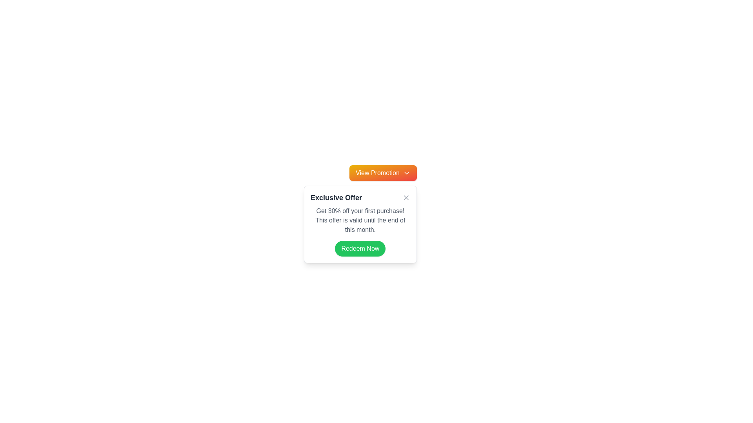  Describe the element at coordinates (360, 197) in the screenshot. I see `text label that serves as the title for the promotional content in the pop-up, located at the top of the pop-up adjacent to the close icon` at that location.